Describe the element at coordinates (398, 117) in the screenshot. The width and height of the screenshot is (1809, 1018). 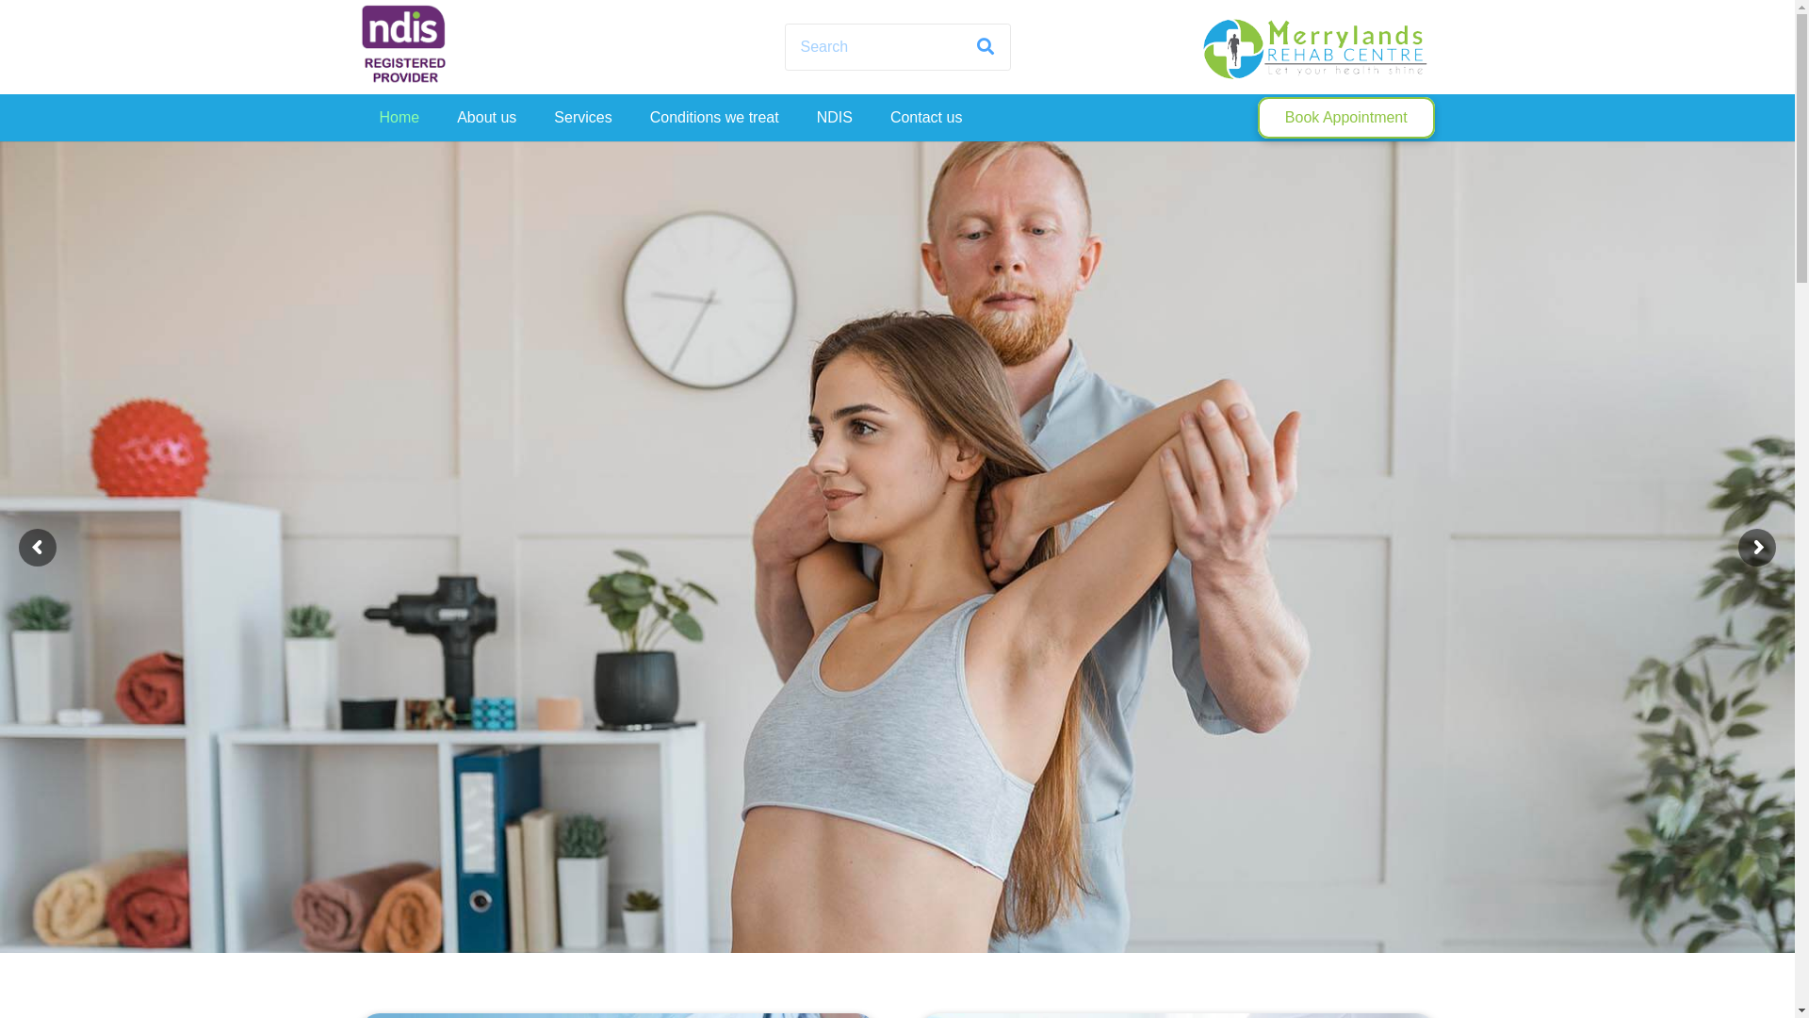
I see `'Home'` at that location.